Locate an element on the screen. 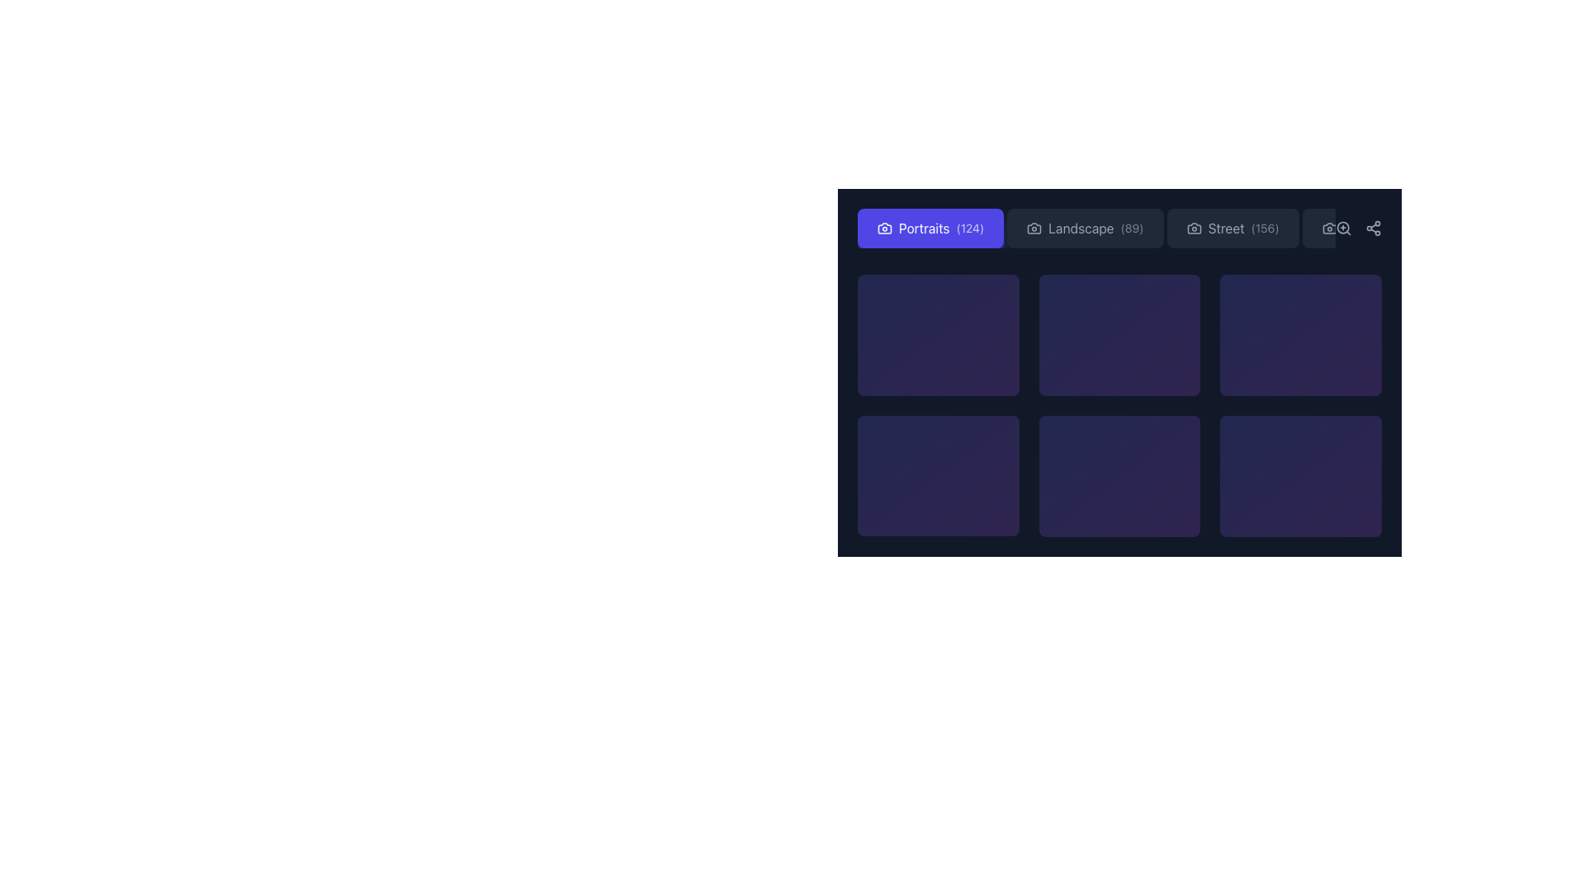 The image size is (1585, 891). the supplementary text label indicating the number of items related to the 'Landscape' category, located to the right of the 'Landscape' text in the navigation section is located at coordinates (1131, 229).